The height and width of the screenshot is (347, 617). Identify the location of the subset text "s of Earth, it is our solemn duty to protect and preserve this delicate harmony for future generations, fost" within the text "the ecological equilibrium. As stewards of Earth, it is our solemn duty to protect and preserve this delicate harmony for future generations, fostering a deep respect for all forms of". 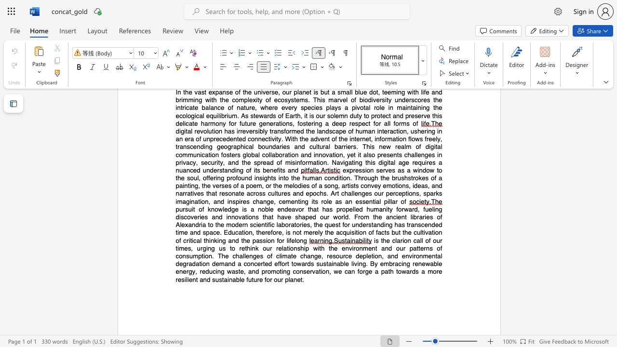
(272, 115).